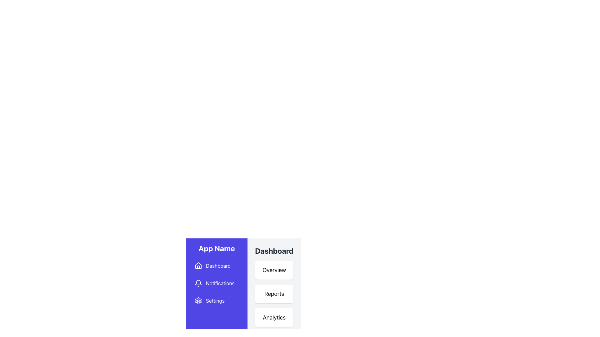 Image resolution: width=600 pixels, height=337 pixels. Describe the element at coordinates (217, 300) in the screenshot. I see `the settings navigation link, which is the third option in the vertical navigation list, positioned between 'Notifications' and the bottom of the navigation menu` at that location.